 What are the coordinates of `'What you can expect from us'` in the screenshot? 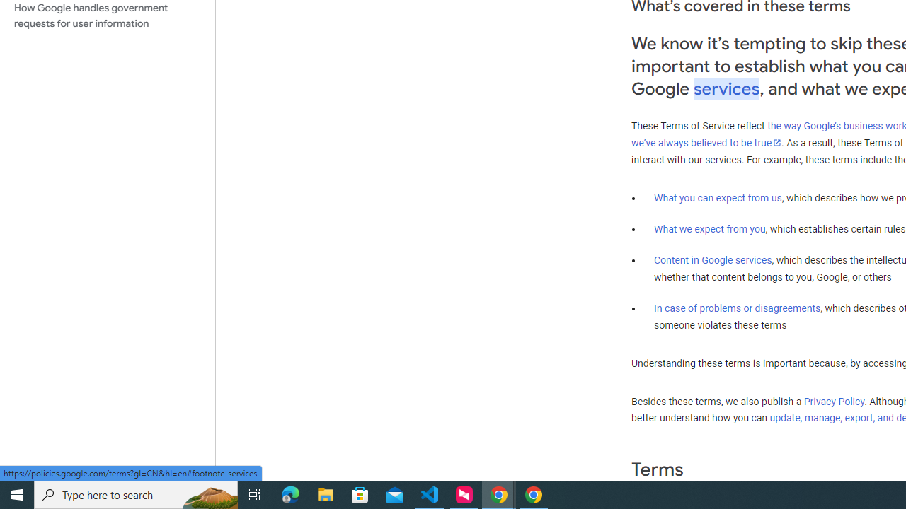 It's located at (718, 197).